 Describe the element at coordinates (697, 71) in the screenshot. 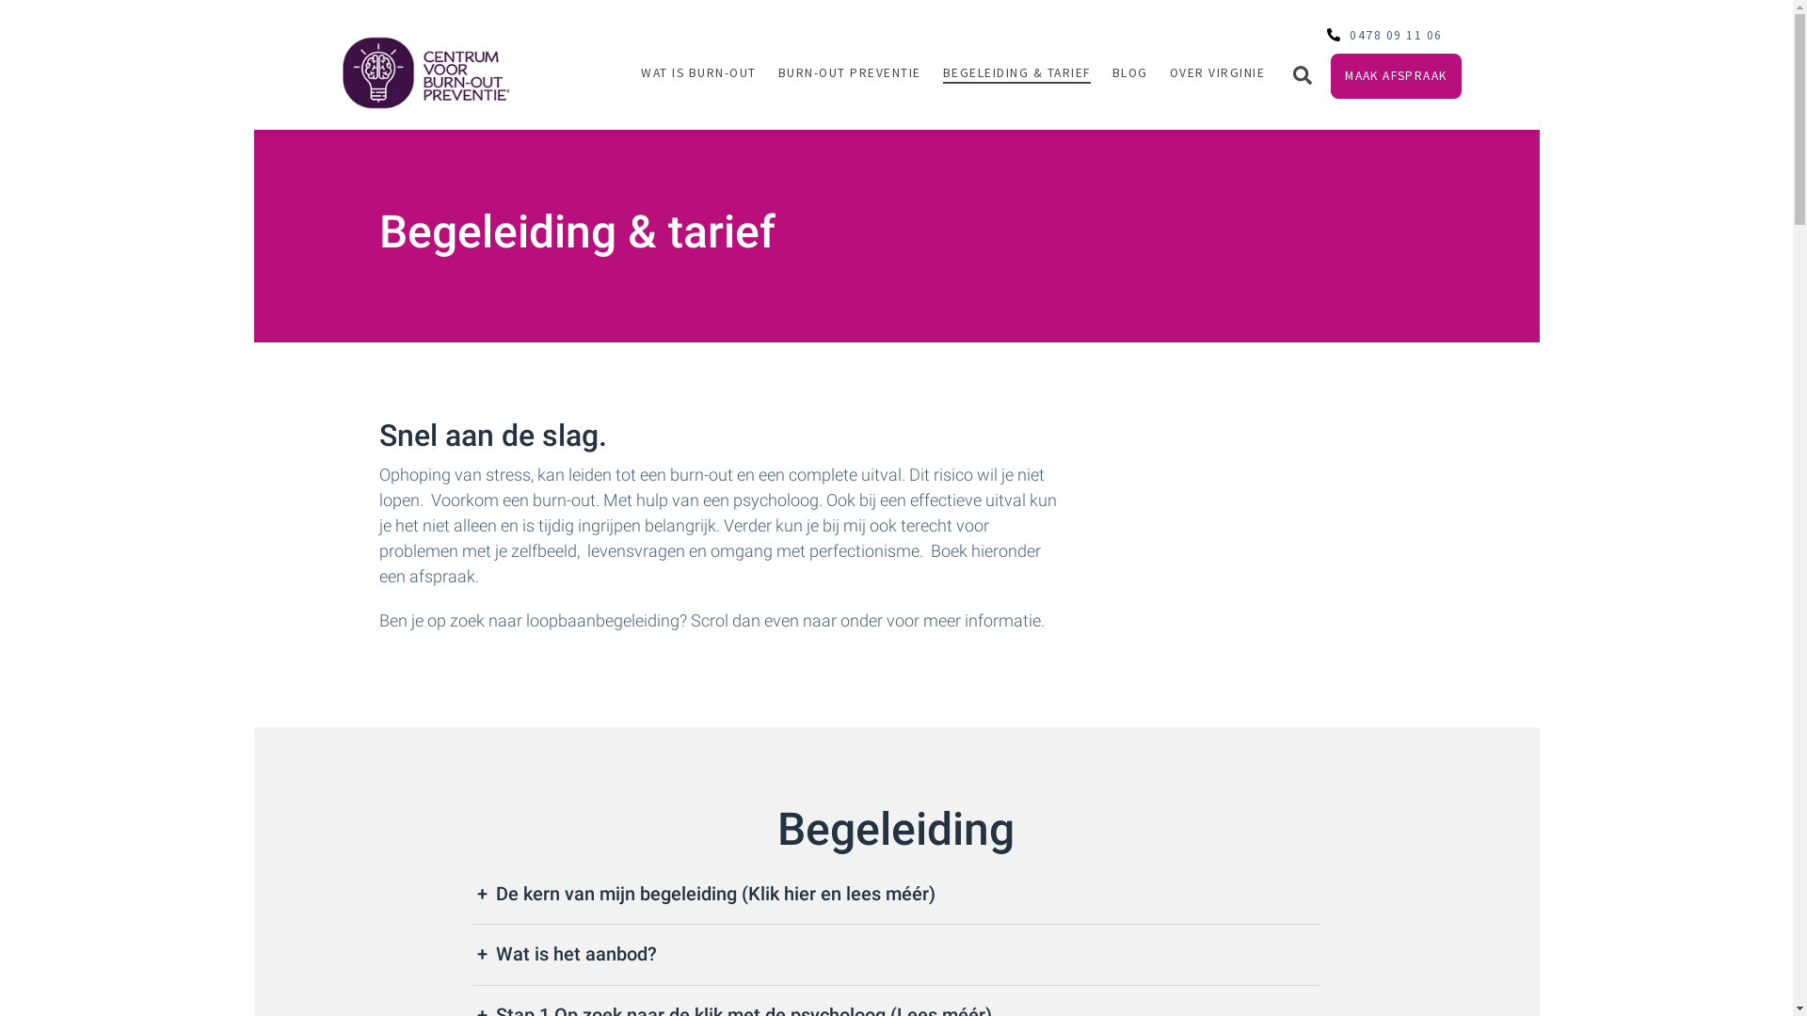

I see `'WAT IS BURN-OUT'` at that location.